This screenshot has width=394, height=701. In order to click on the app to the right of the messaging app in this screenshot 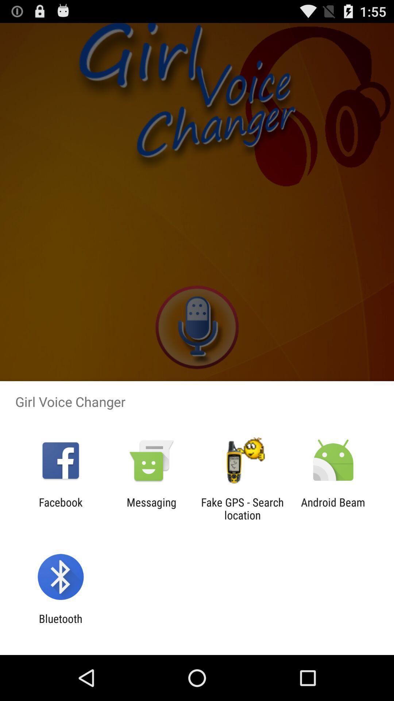, I will do `click(242, 508)`.